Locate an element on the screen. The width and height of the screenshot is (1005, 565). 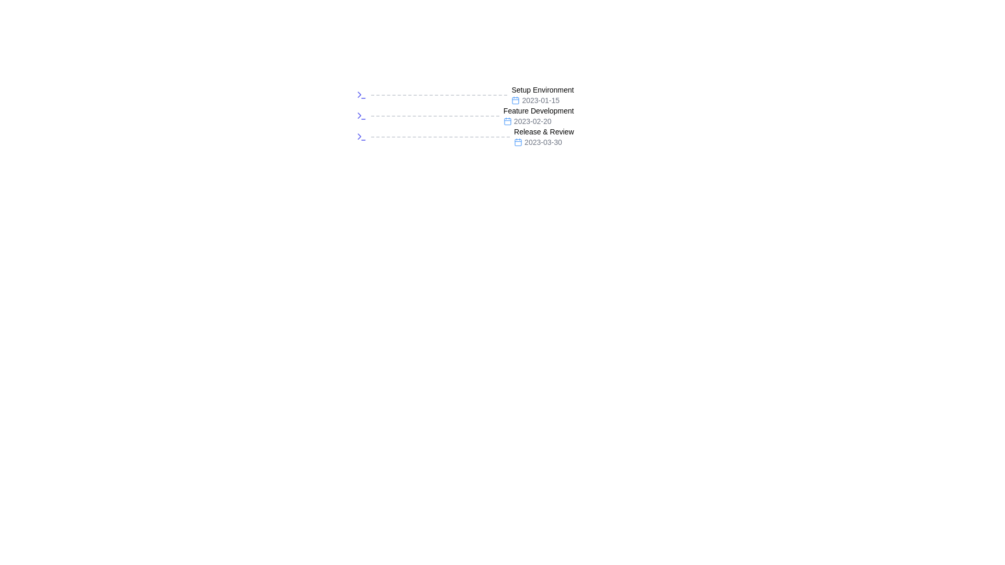
text of the label titled 'Setup Environment', which is the first item in a structured list and rendered in black sans-serif font is located at coordinates (542, 89).